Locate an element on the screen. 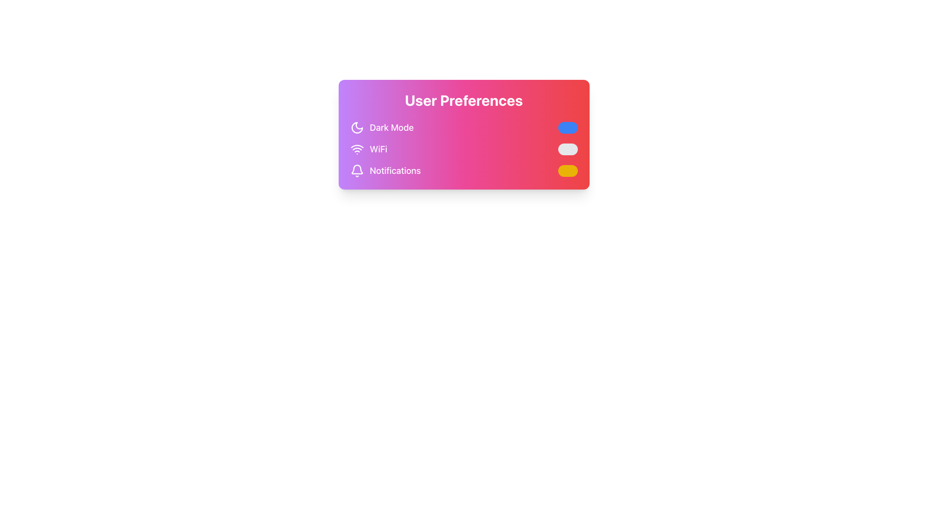  the notification setting label located in the 'User Preferences' section, positioned as the last option below 'WiFi' is located at coordinates (385, 170).